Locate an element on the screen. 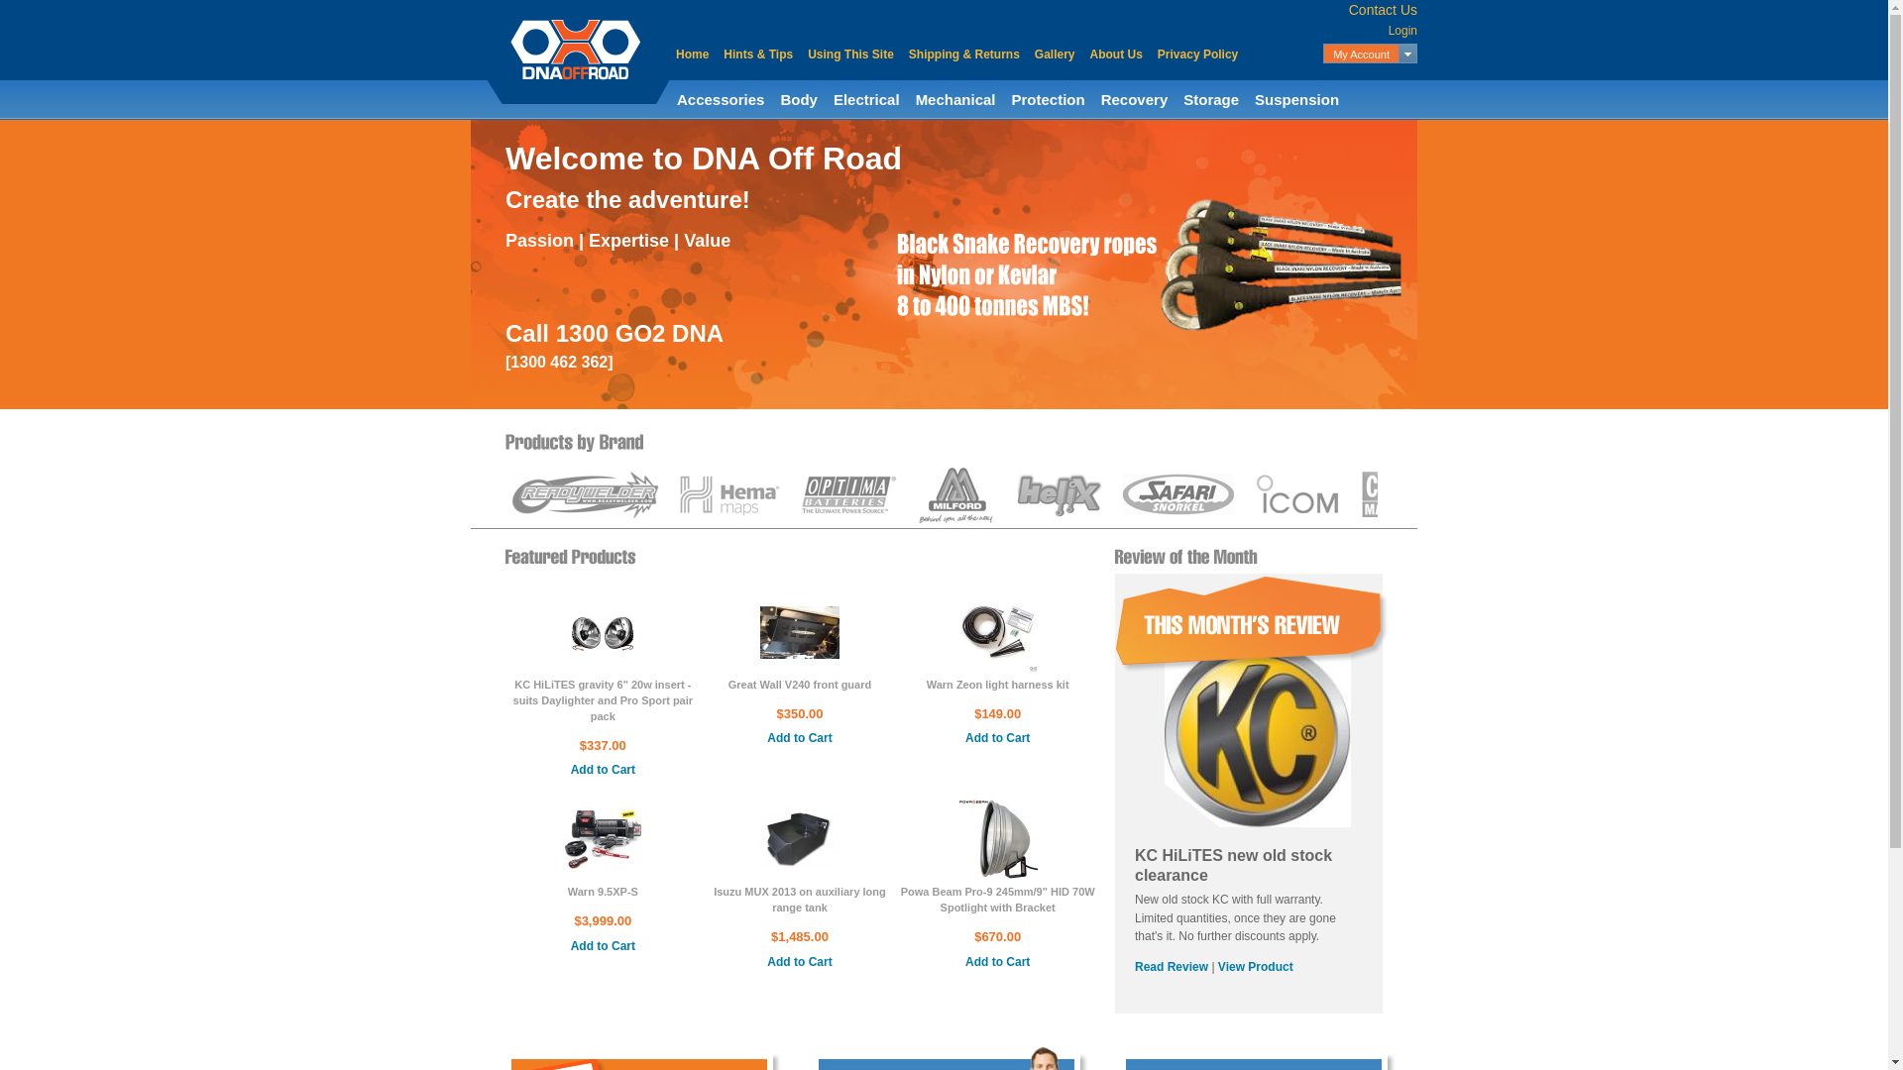 The height and width of the screenshot is (1070, 1903). 'Home' is located at coordinates (692, 53).